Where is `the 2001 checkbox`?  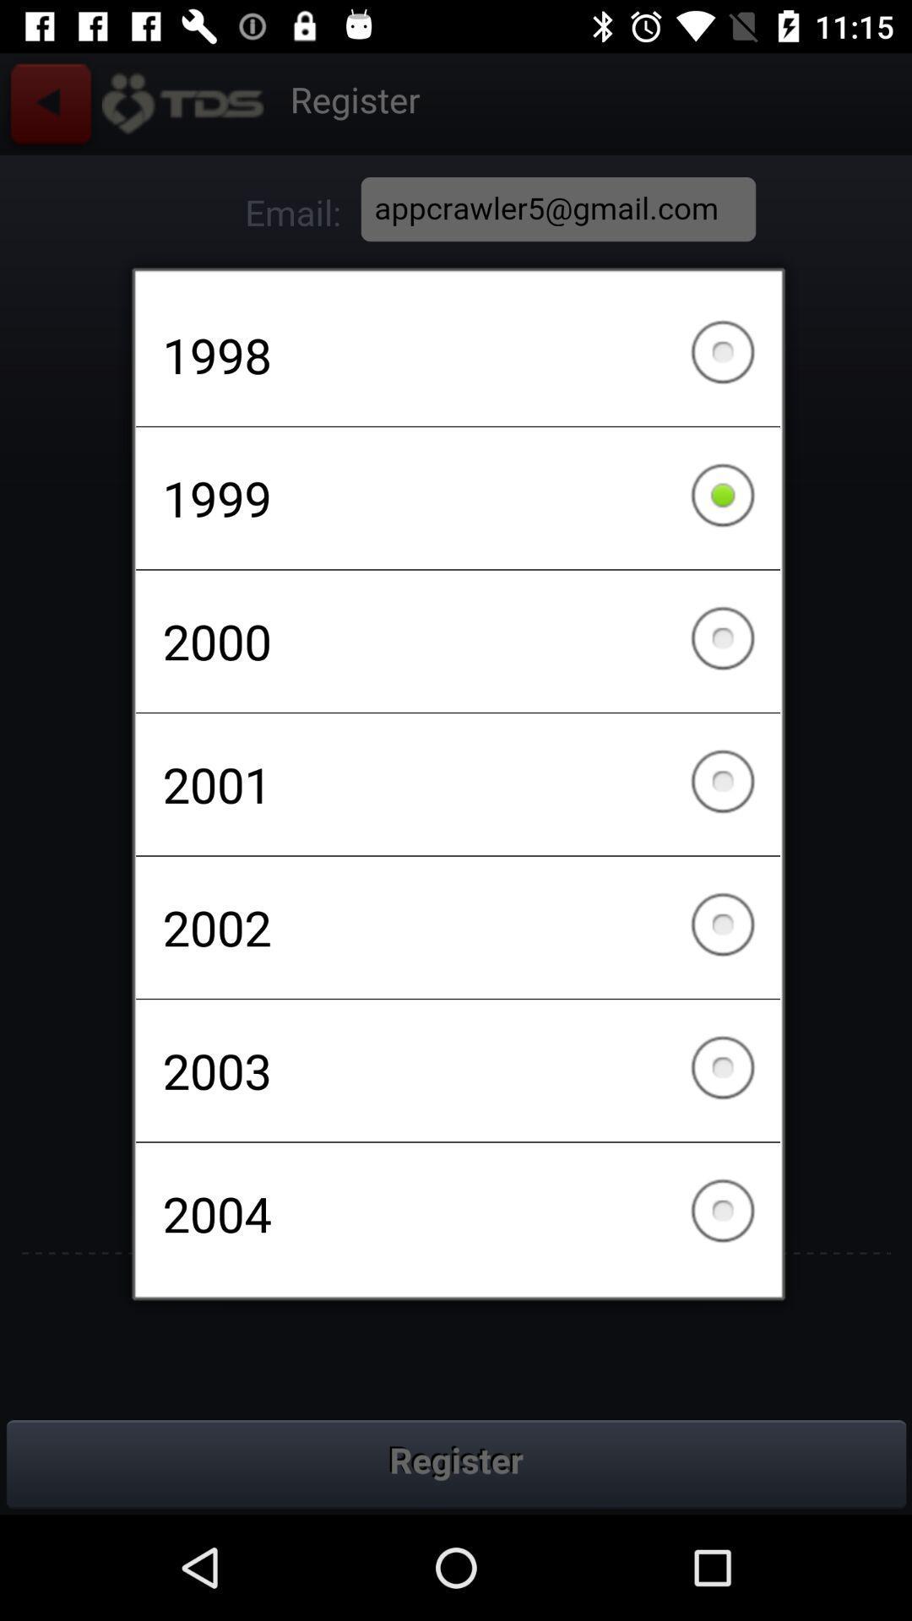
the 2001 checkbox is located at coordinates (458, 783).